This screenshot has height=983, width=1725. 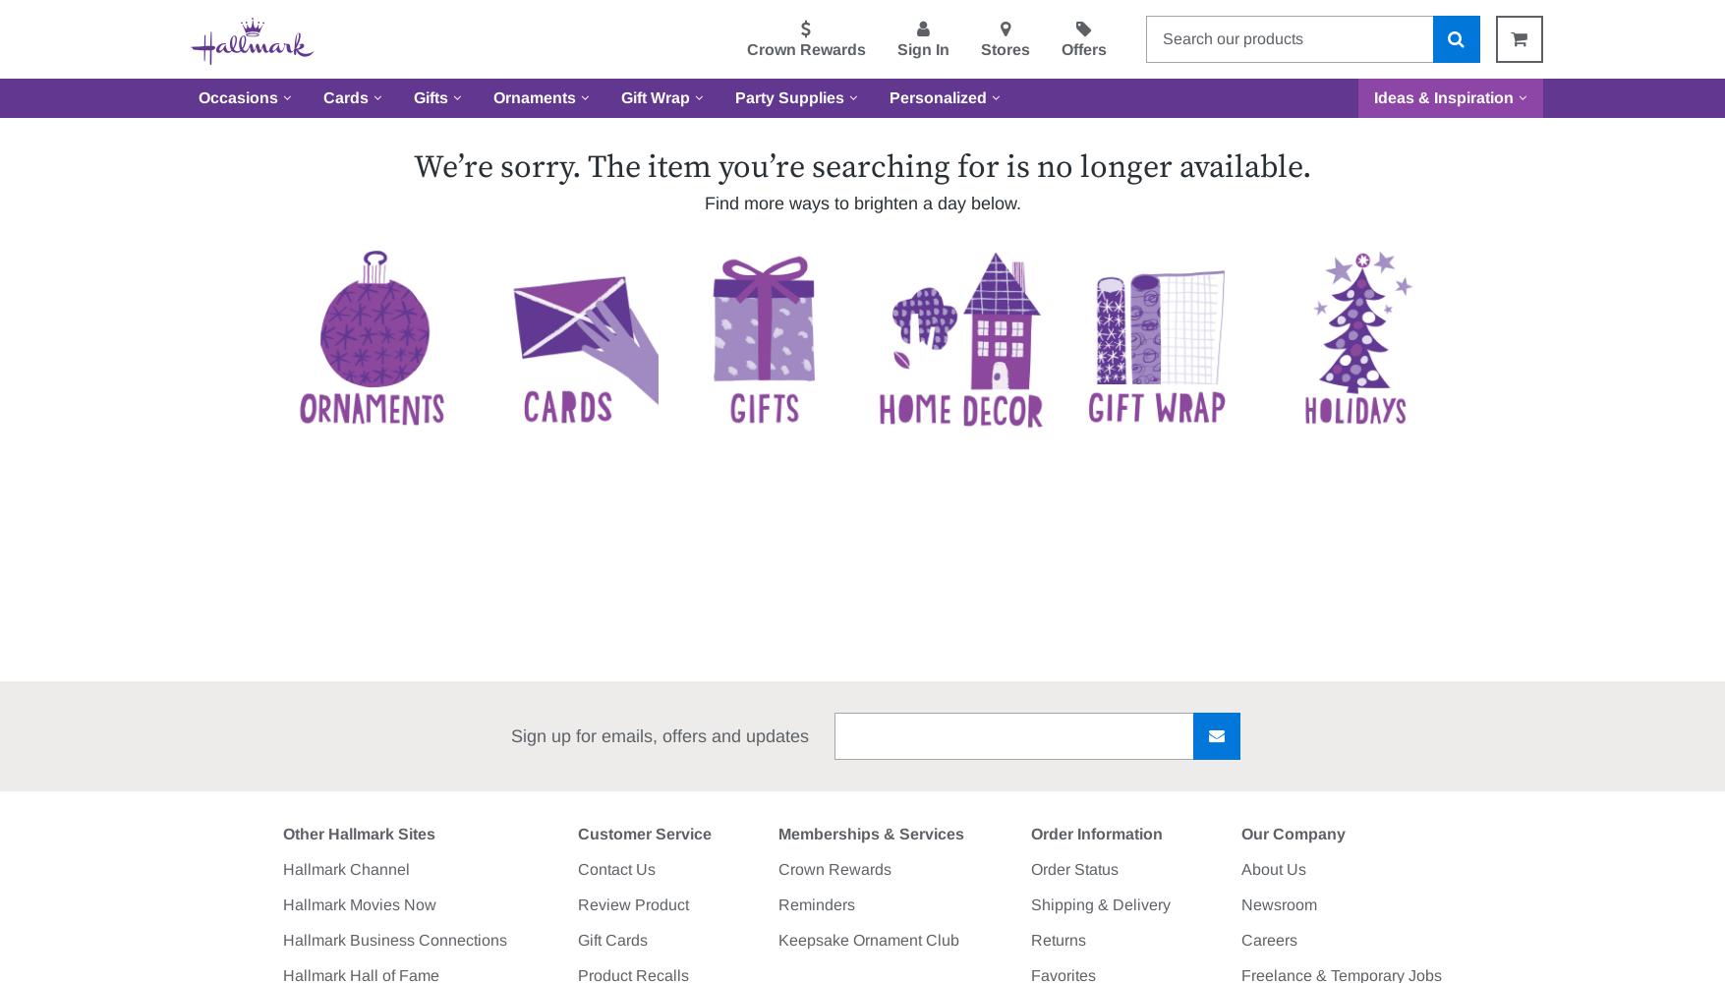 I want to click on 'Personalized', so click(x=888, y=96).